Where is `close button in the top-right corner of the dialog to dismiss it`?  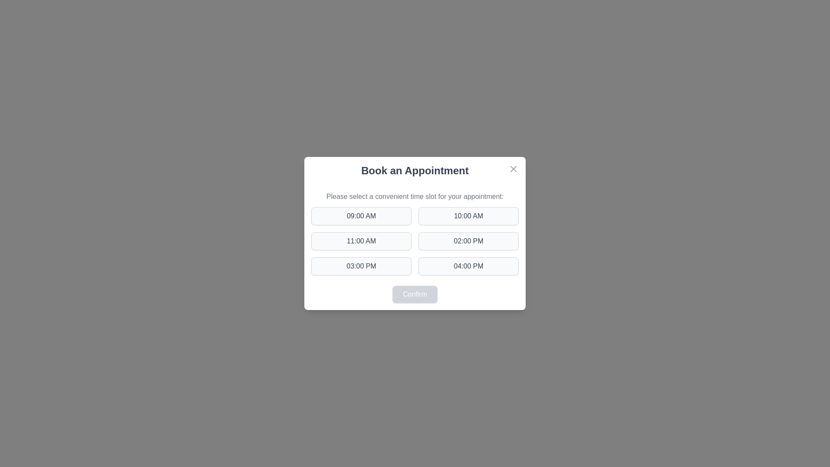 close button in the top-right corner of the dialog to dismiss it is located at coordinates (514, 169).